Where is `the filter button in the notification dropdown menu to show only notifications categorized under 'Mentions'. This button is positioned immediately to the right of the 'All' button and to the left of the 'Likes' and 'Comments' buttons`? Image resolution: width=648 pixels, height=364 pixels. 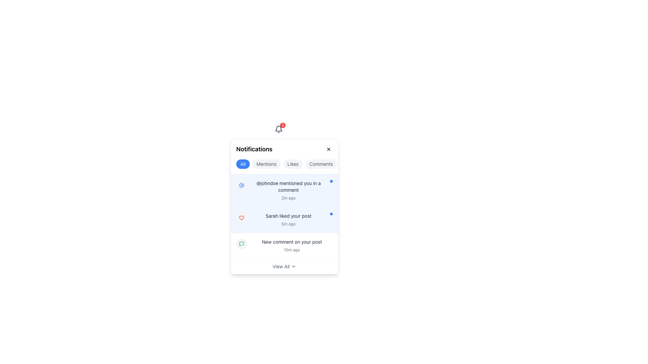
the filter button in the notification dropdown menu to show only notifications categorized under 'Mentions'. This button is positioned immediately to the right of the 'All' button and to the left of the 'Likes' and 'Comments' buttons is located at coordinates (266, 164).